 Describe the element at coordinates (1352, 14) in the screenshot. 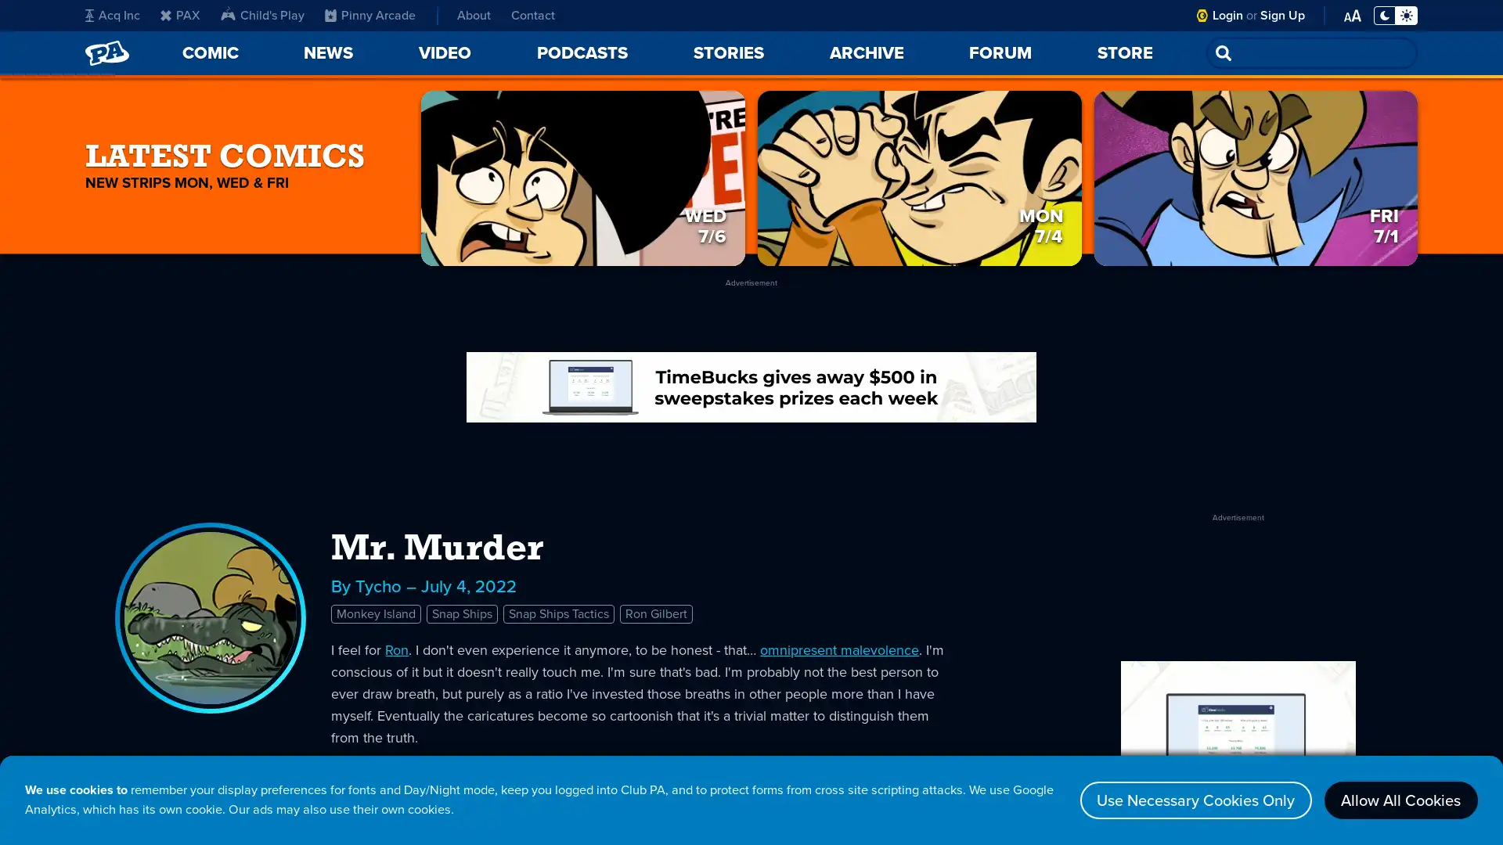

I see `Open Font Settings Menu` at that location.